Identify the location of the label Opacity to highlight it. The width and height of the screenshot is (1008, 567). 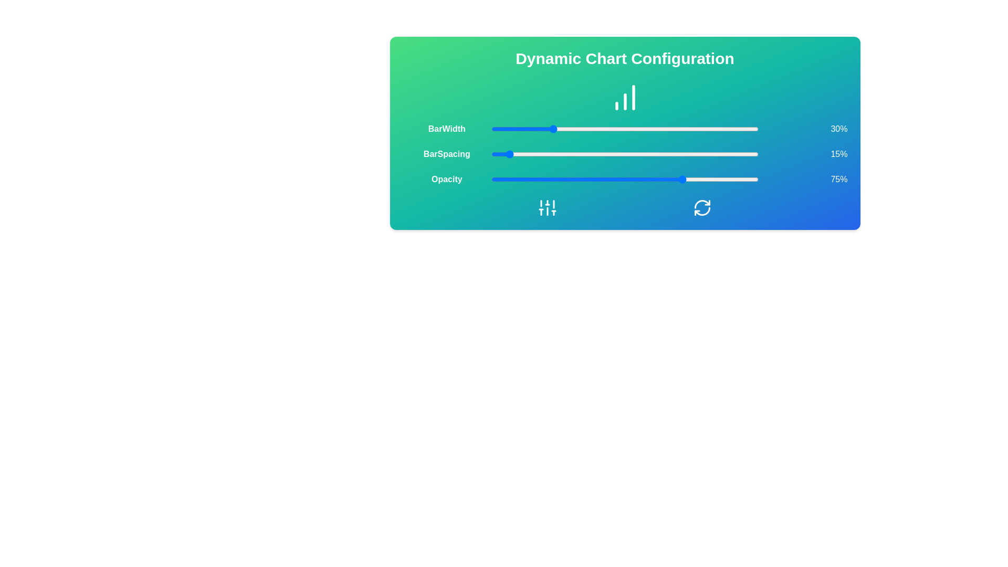
(446, 179).